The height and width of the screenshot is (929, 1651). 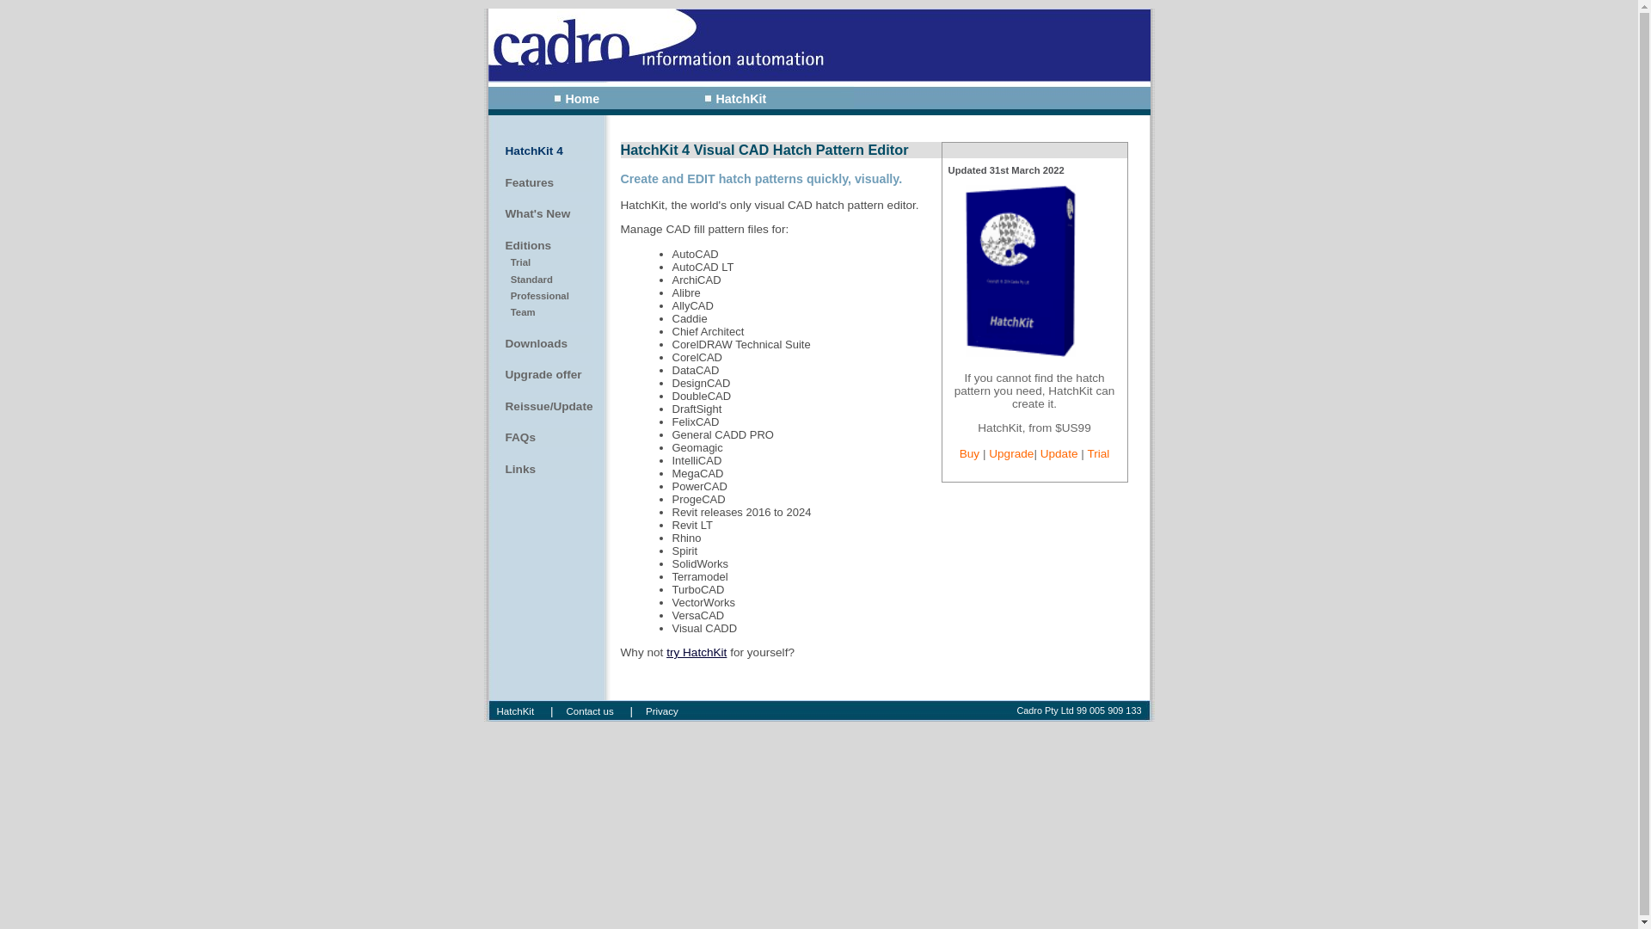 I want to click on '  Standard', so click(x=495, y=279).